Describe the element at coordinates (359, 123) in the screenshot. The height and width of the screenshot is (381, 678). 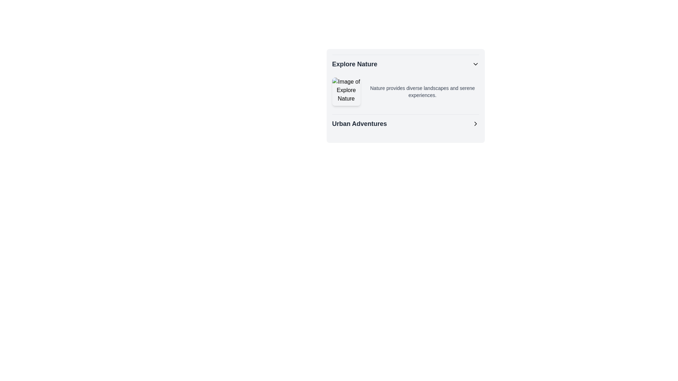
I see `the text label 'Urban Adventures'` at that location.